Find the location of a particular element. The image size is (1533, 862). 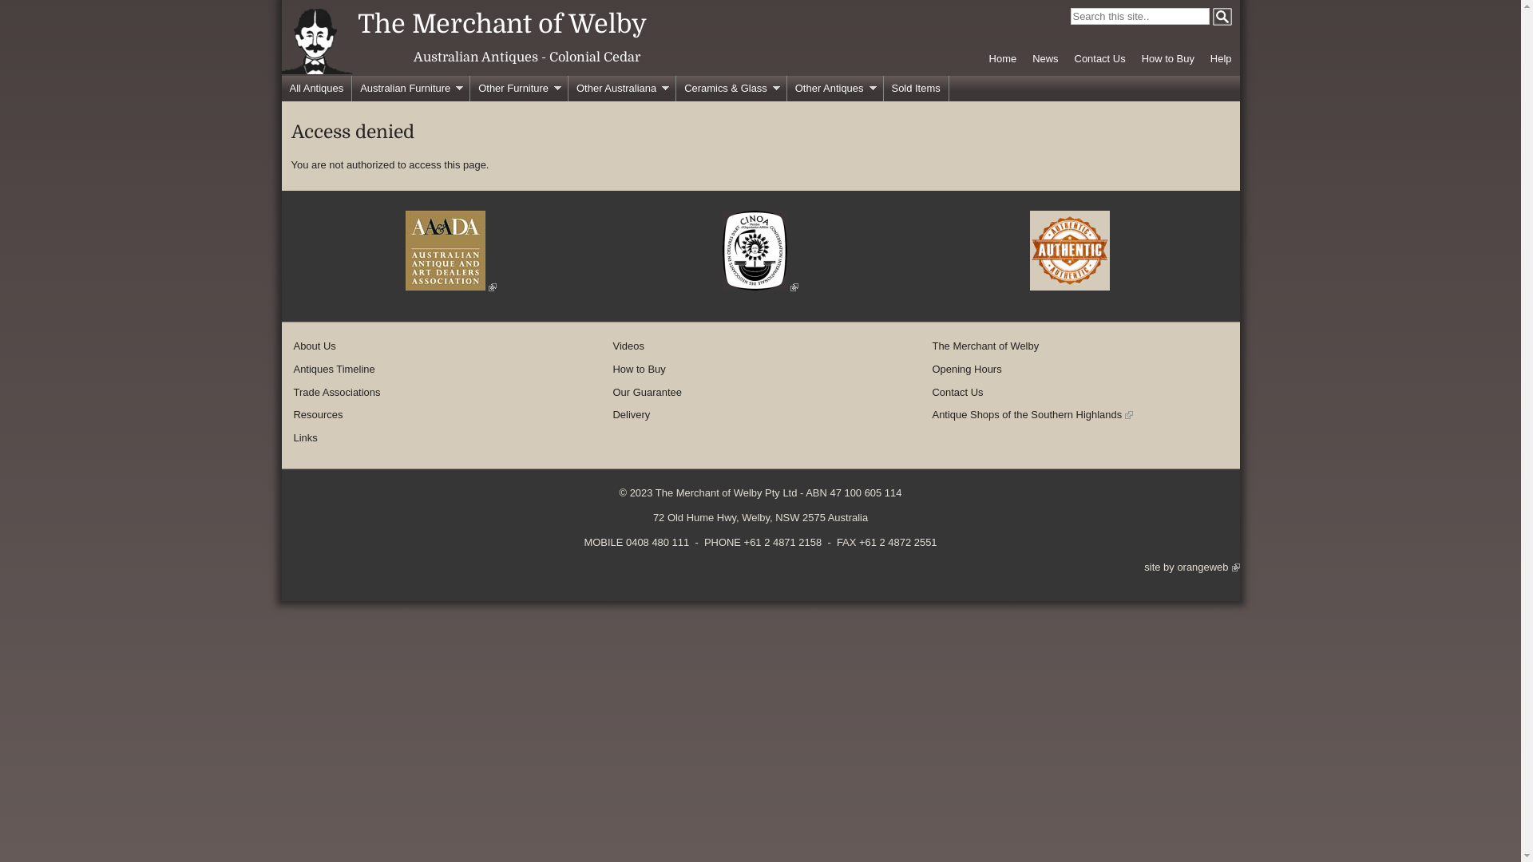

'All Antiques' is located at coordinates (280, 89).